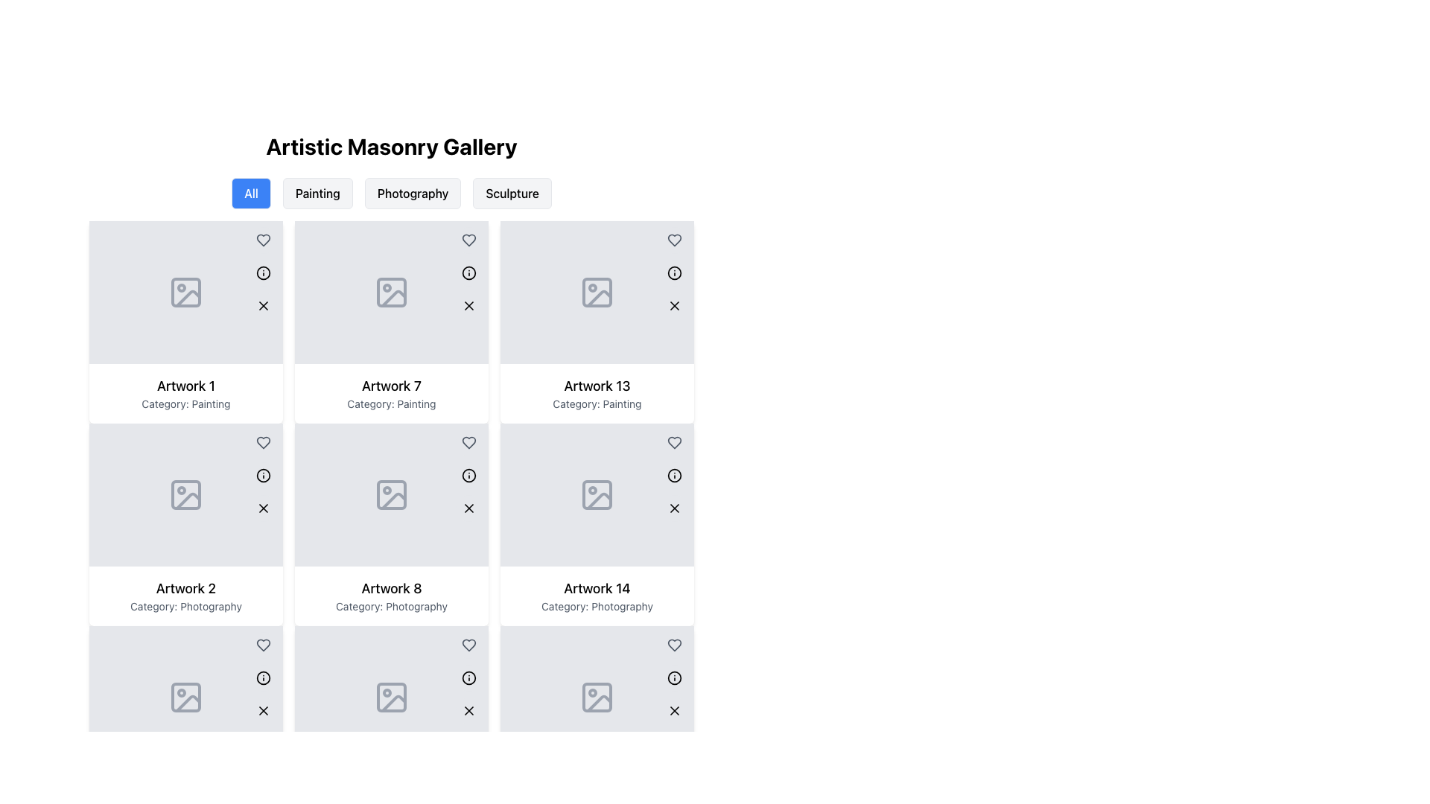 The height and width of the screenshot is (804, 1430). Describe the element at coordinates (264, 507) in the screenshot. I see `the 'X' icon located at the bottom-right corner of the 'Artwork 2' card` at that location.